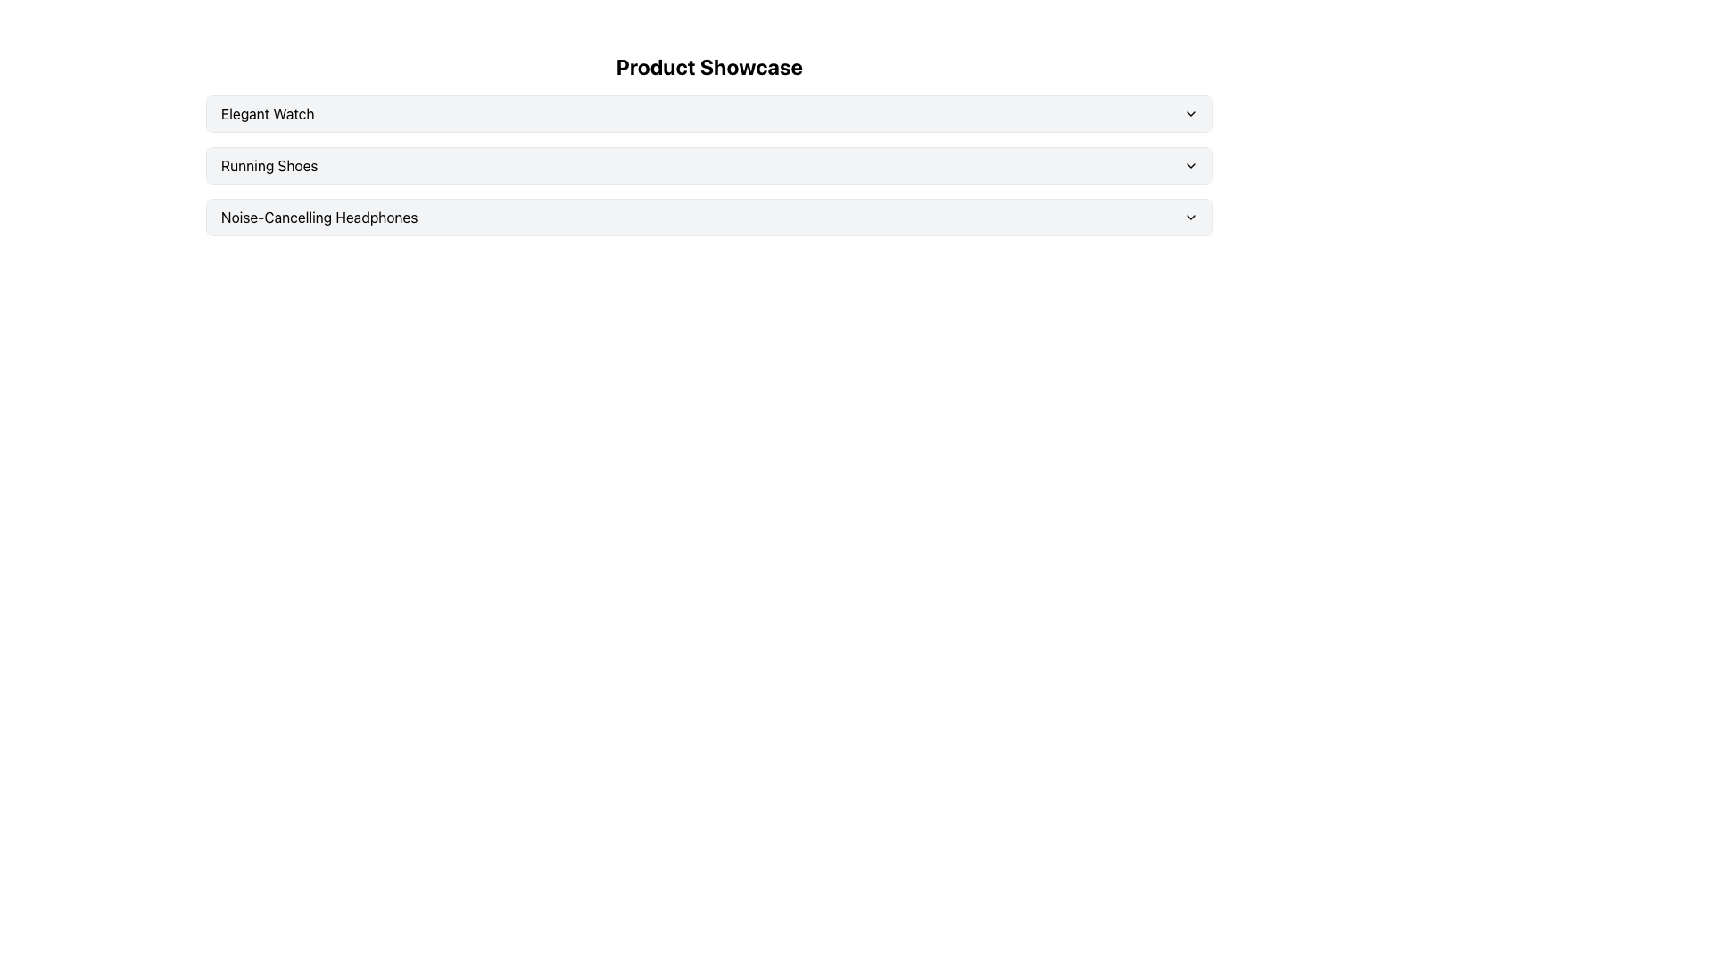 The image size is (1713, 963). I want to click on text label that displays 'Noise-Cancelling Headphones', which is the third item in a horizontal list of items, so click(319, 216).